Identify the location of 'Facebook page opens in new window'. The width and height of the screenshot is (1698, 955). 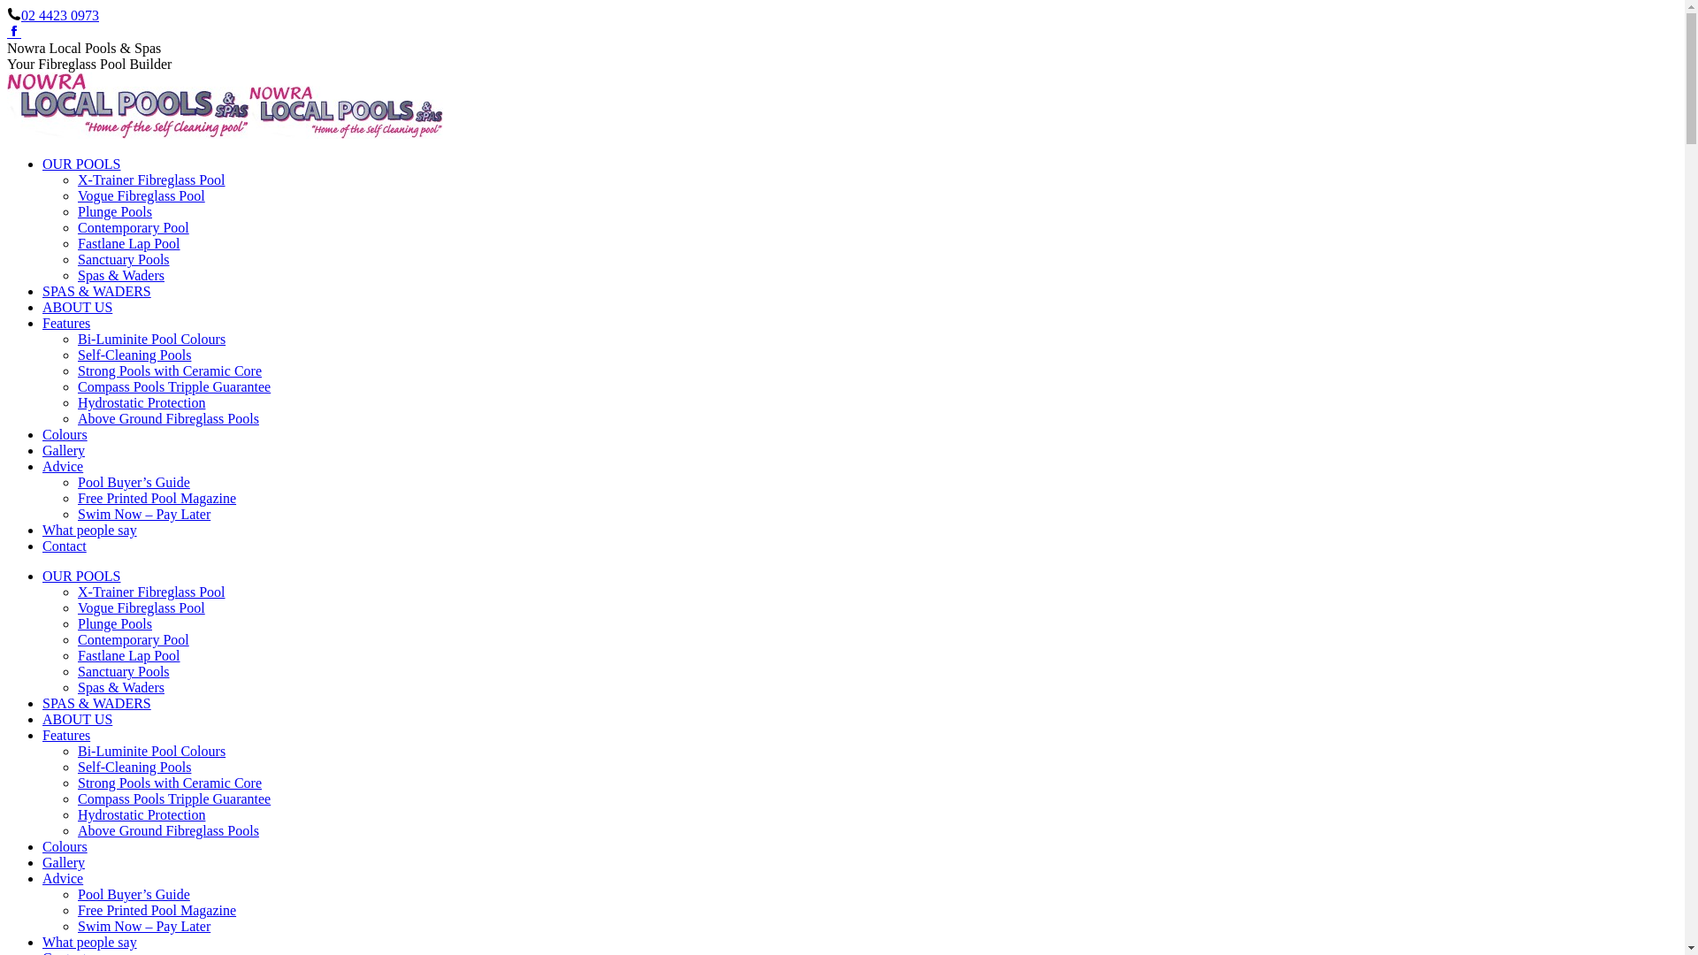
(7, 32).